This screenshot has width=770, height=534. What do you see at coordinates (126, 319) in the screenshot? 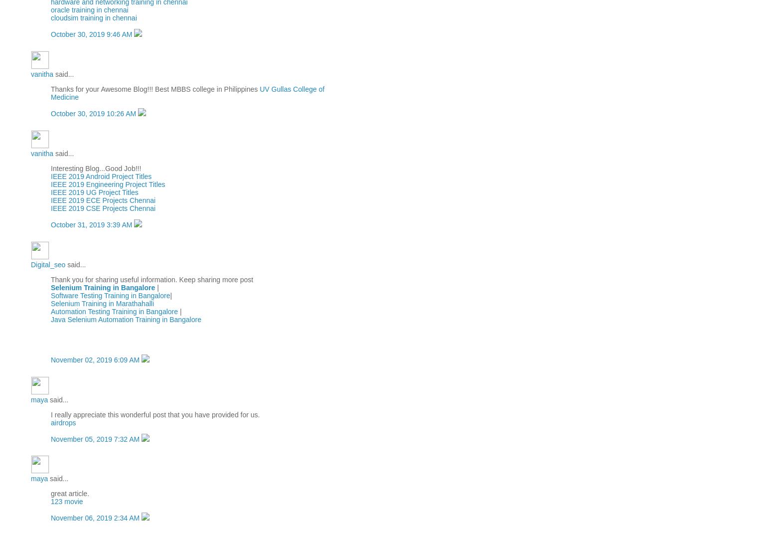
I see `'Java Selenium Automation Training in Bangalore'` at bounding box center [126, 319].